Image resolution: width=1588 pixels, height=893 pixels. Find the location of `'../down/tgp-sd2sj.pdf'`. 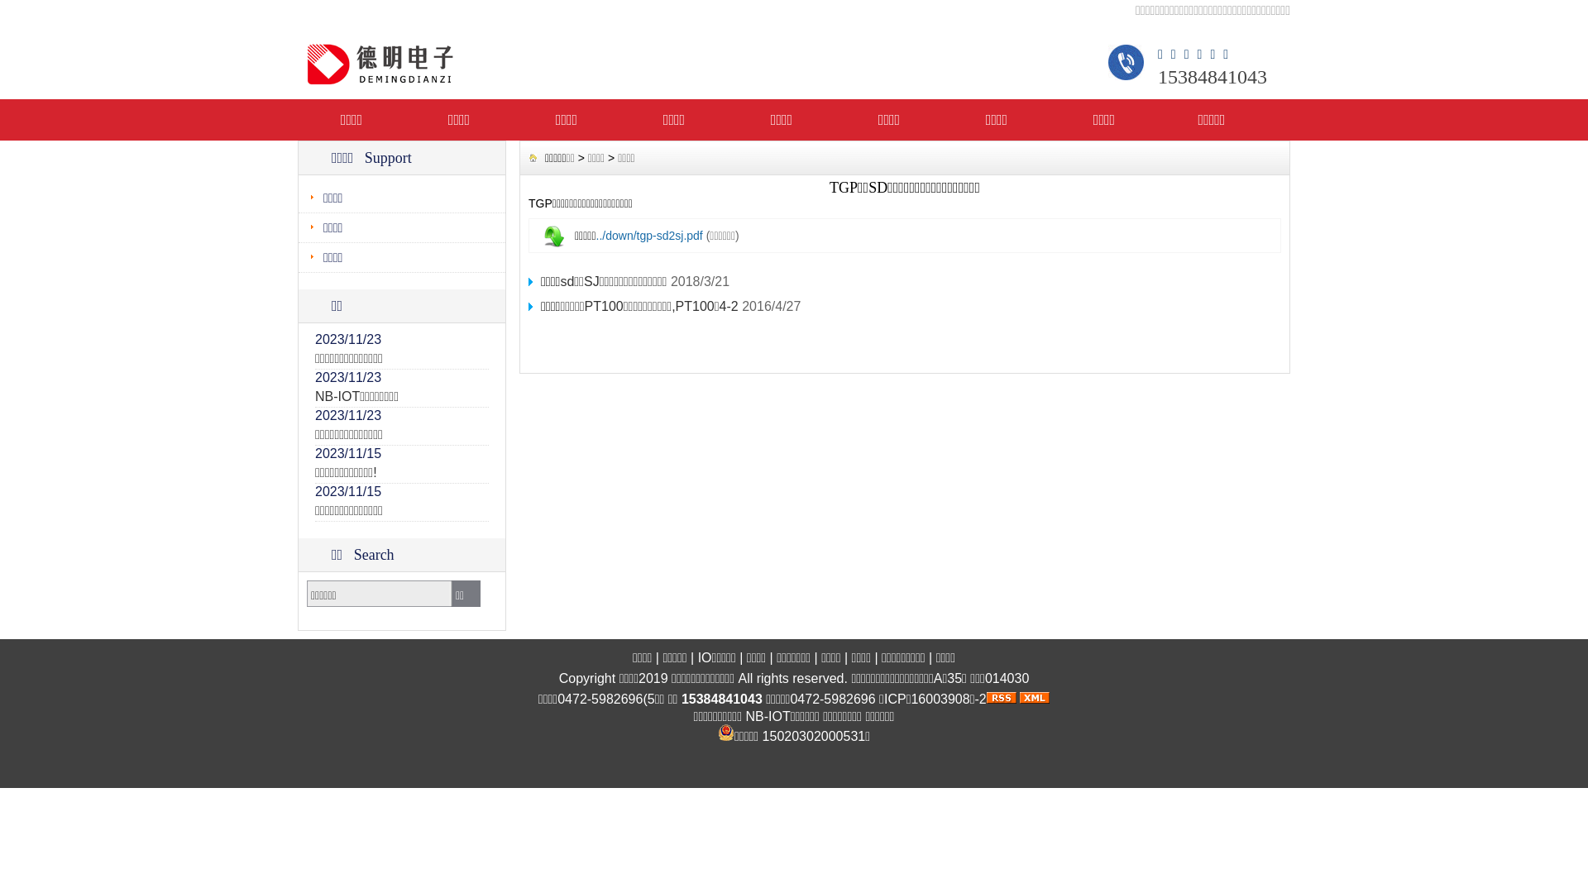

'../down/tgp-sd2sj.pdf' is located at coordinates (648, 236).